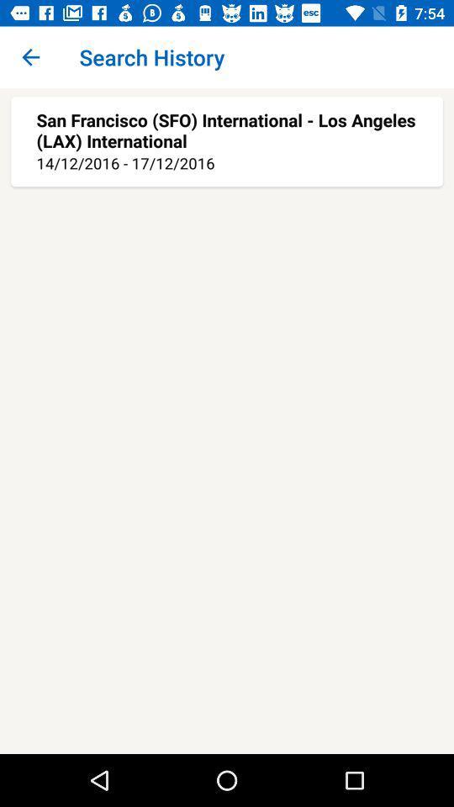  What do you see at coordinates (30, 57) in the screenshot?
I see `the item next to search history app` at bounding box center [30, 57].